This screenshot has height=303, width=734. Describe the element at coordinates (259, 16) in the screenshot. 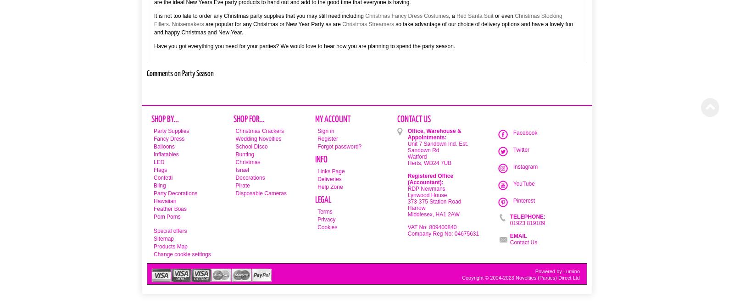

I see `'It is not too late to order any Christmas party supplies that you may still need including'` at that location.